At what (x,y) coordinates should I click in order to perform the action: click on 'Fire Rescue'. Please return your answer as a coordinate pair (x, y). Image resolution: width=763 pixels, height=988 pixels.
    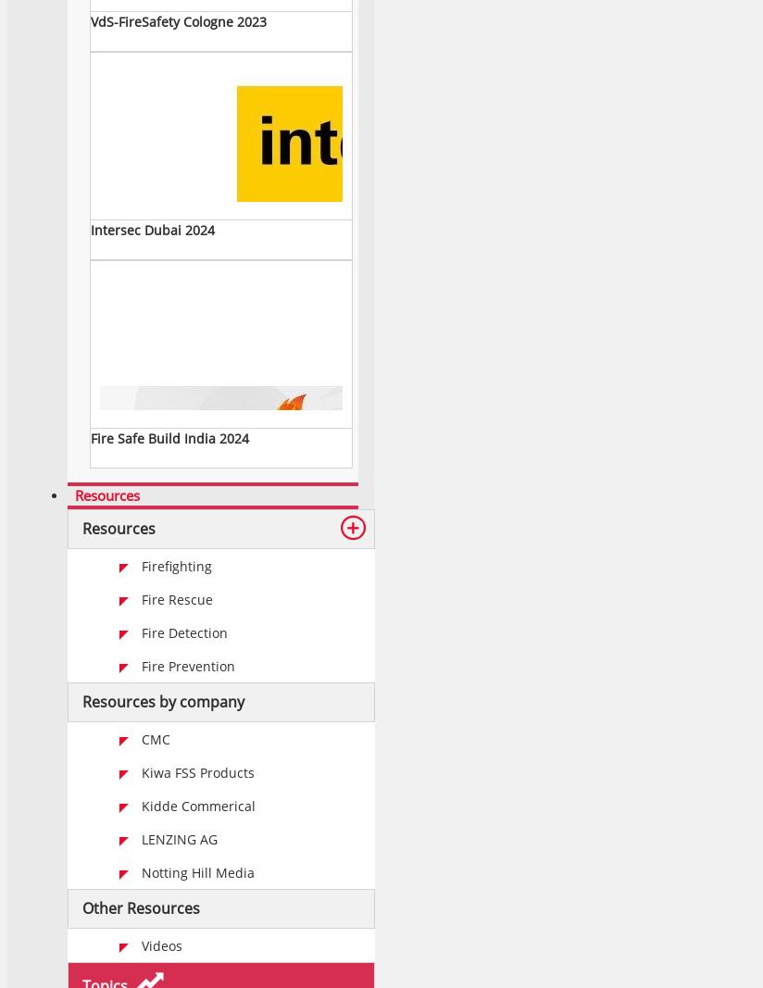
    Looking at the image, I should click on (141, 599).